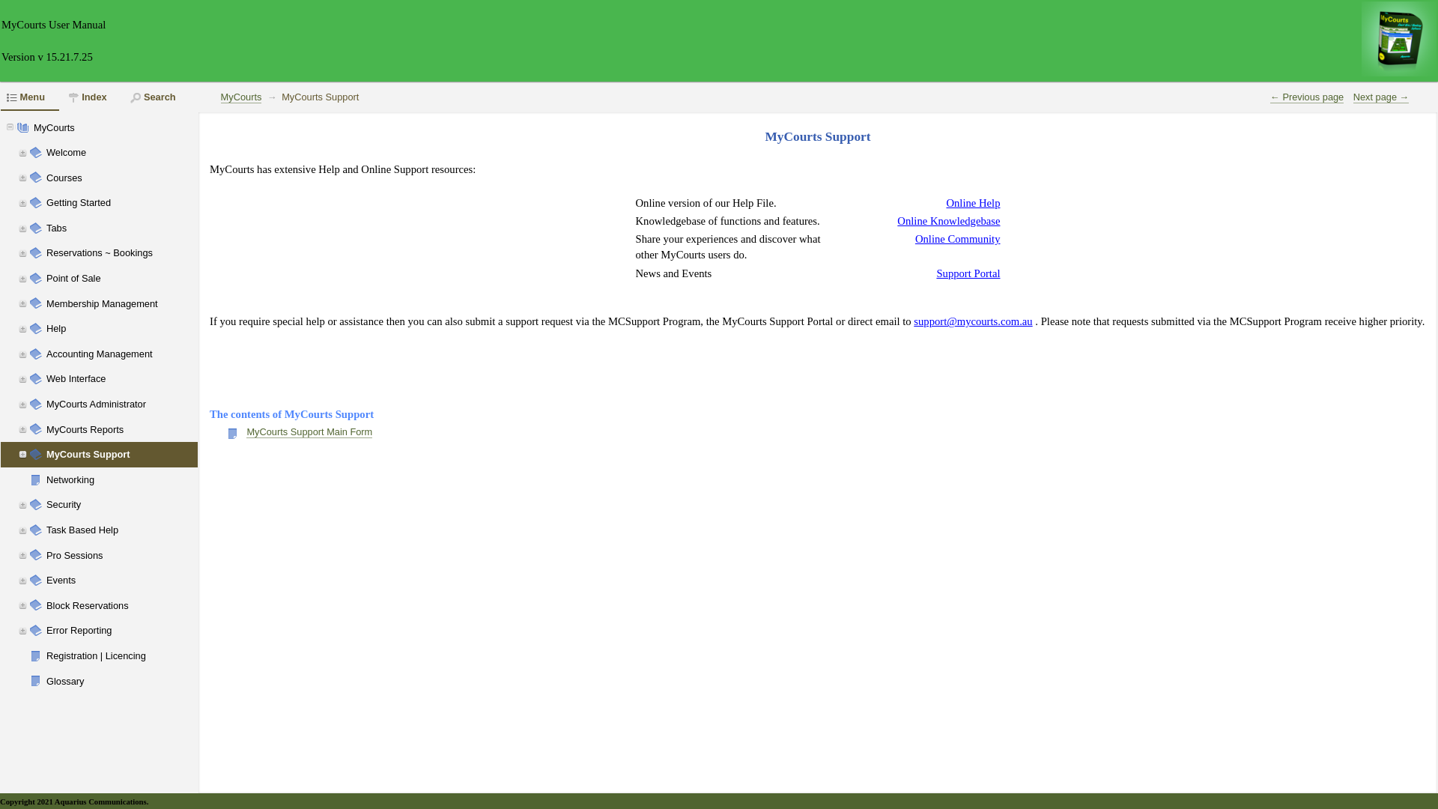  I want to click on 'Support Portal', so click(968, 273).